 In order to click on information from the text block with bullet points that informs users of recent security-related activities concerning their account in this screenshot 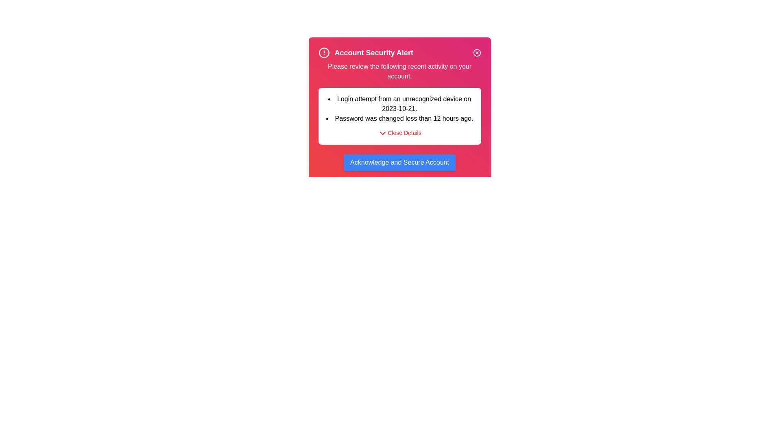, I will do `click(399, 108)`.